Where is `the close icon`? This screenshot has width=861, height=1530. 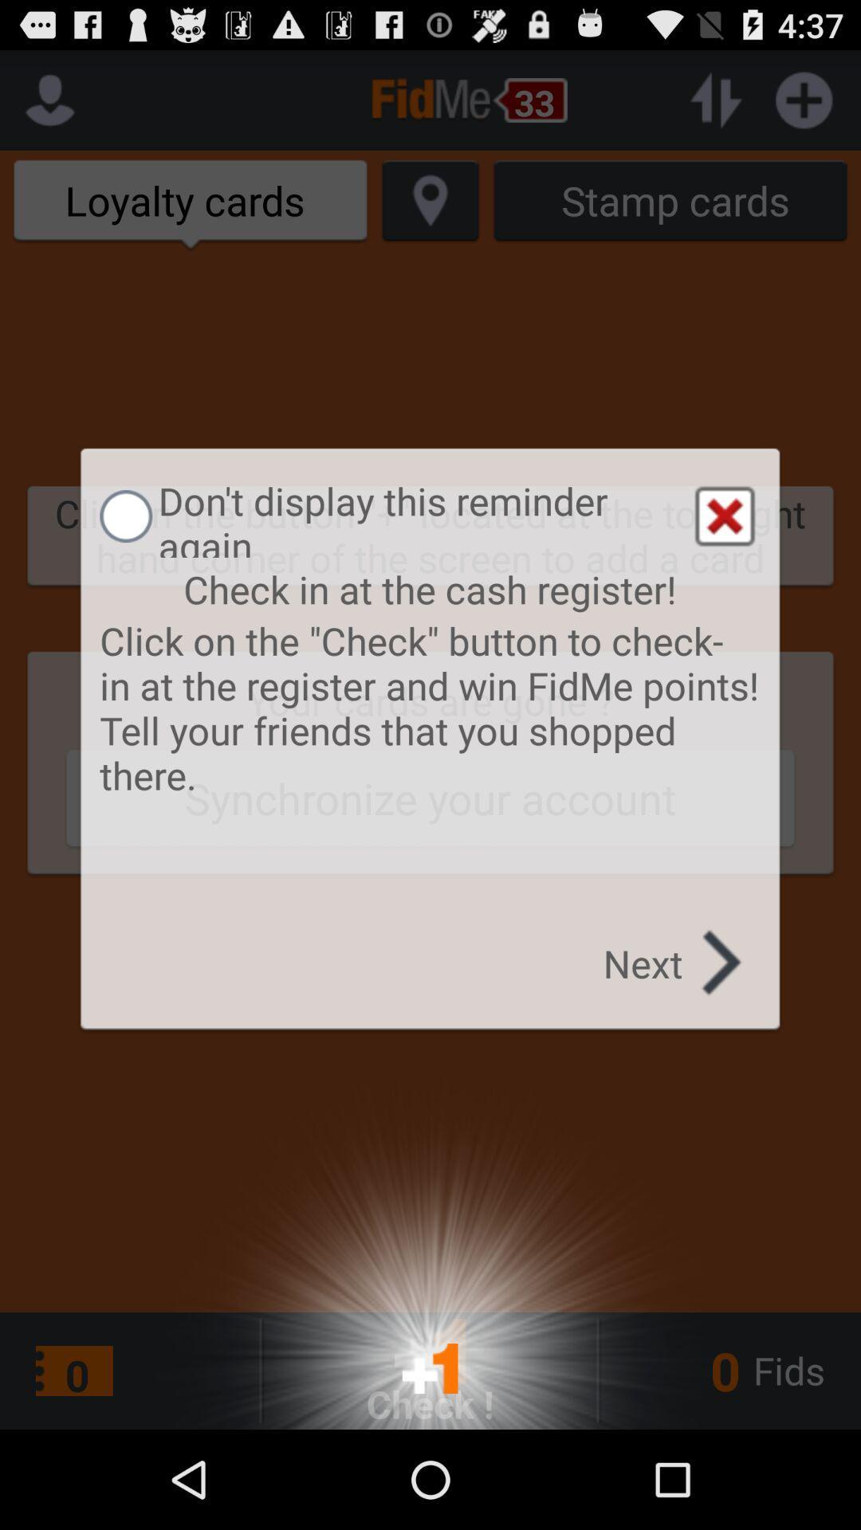
the close icon is located at coordinates (725, 552).